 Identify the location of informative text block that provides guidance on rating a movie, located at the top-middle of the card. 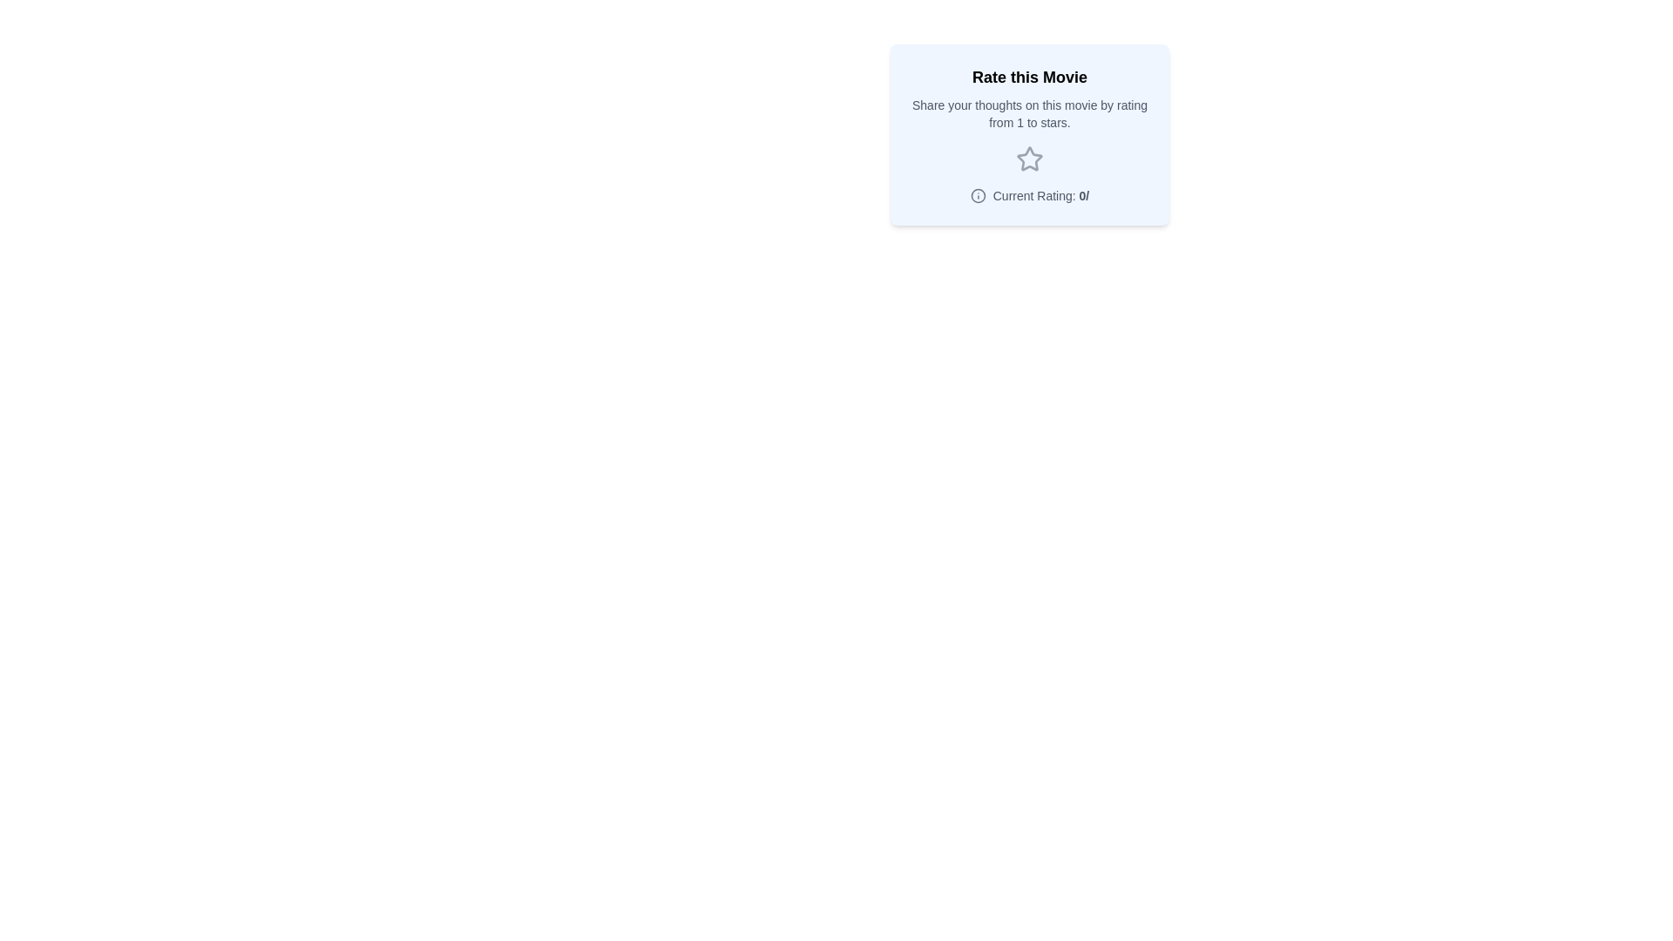
(1029, 98).